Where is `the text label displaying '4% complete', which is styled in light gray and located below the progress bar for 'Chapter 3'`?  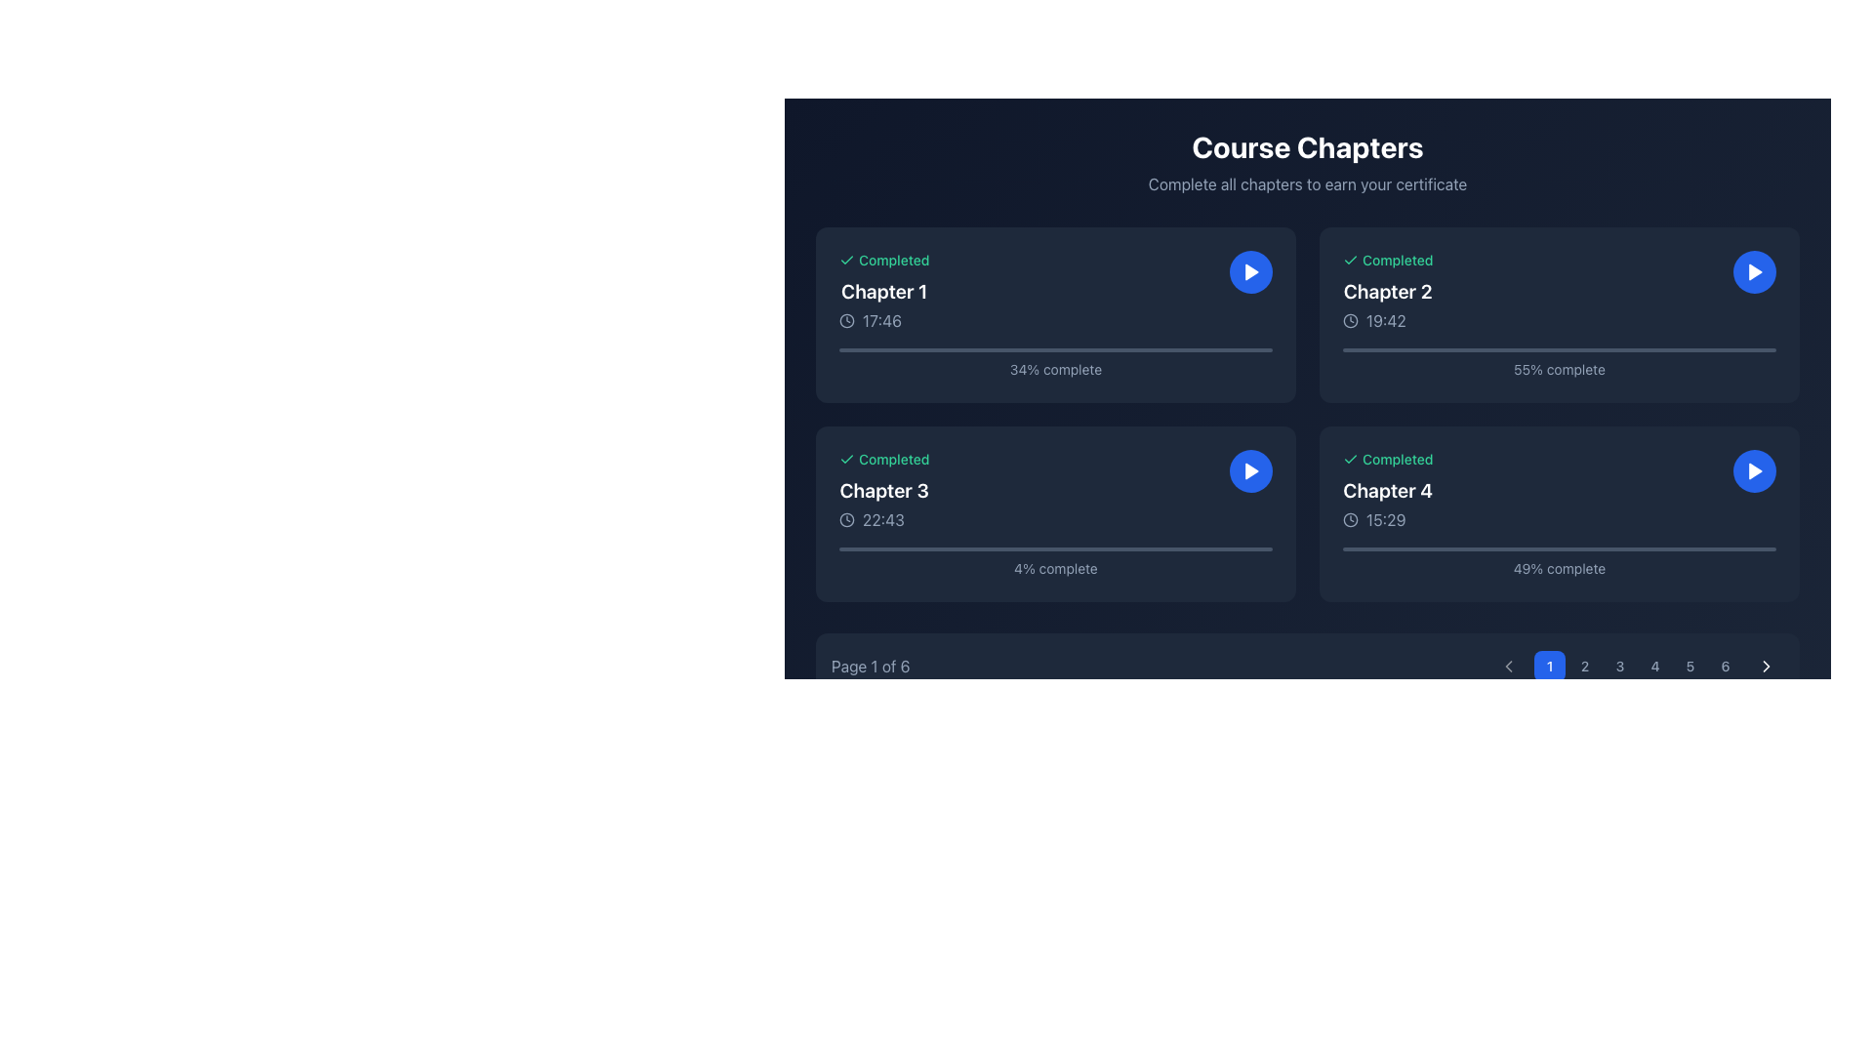 the text label displaying '4% complete', which is styled in light gray and located below the progress bar for 'Chapter 3' is located at coordinates (1054, 563).